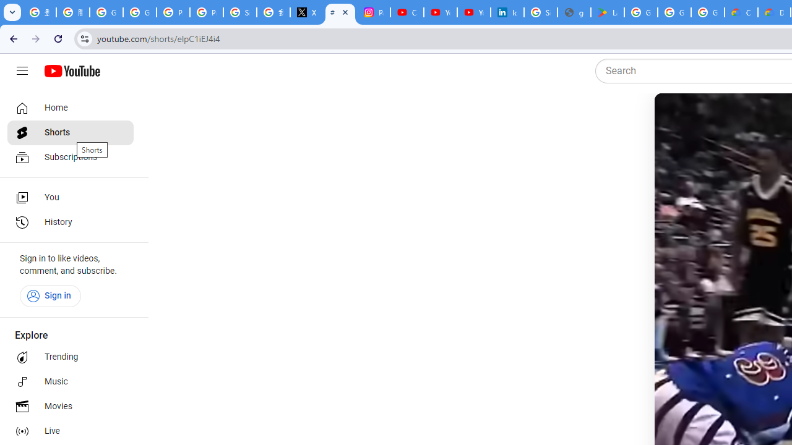  What do you see at coordinates (541, 12) in the screenshot?
I see `'Sign in - Google Accounts'` at bounding box center [541, 12].